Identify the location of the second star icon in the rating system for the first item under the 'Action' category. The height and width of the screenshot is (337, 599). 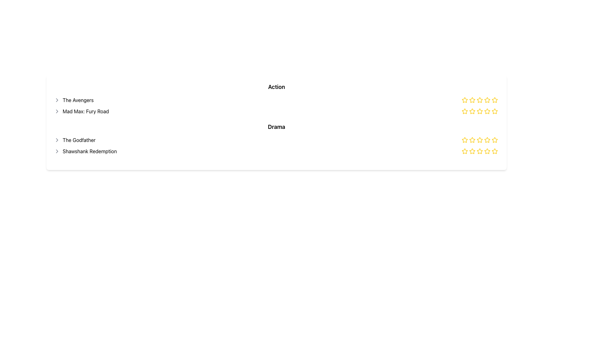
(472, 100).